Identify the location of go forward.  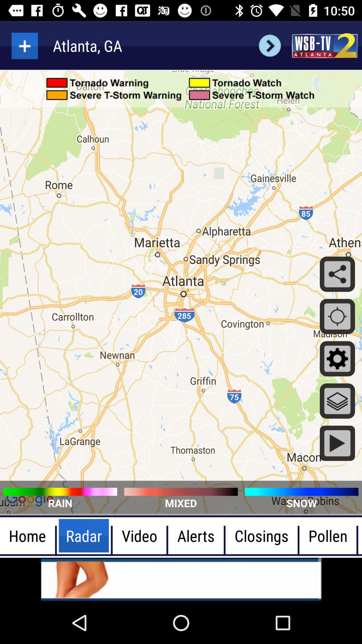
(269, 45).